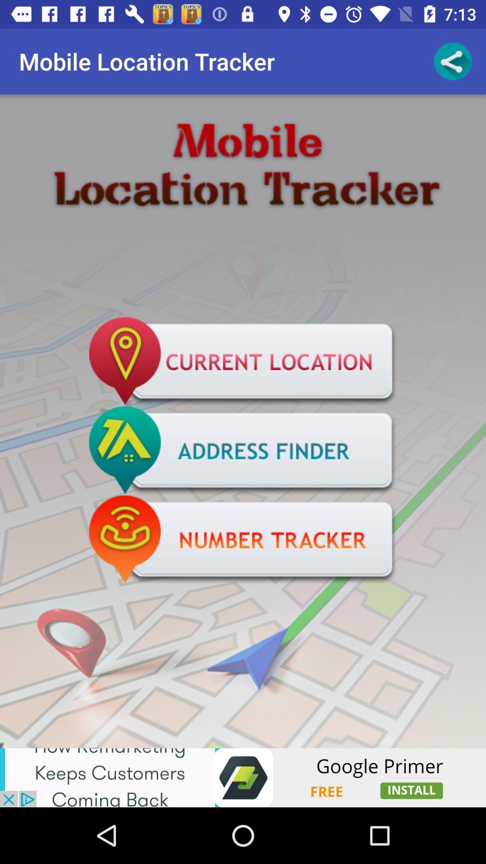 This screenshot has height=864, width=486. Describe the element at coordinates (243, 777) in the screenshot. I see `advertisement` at that location.